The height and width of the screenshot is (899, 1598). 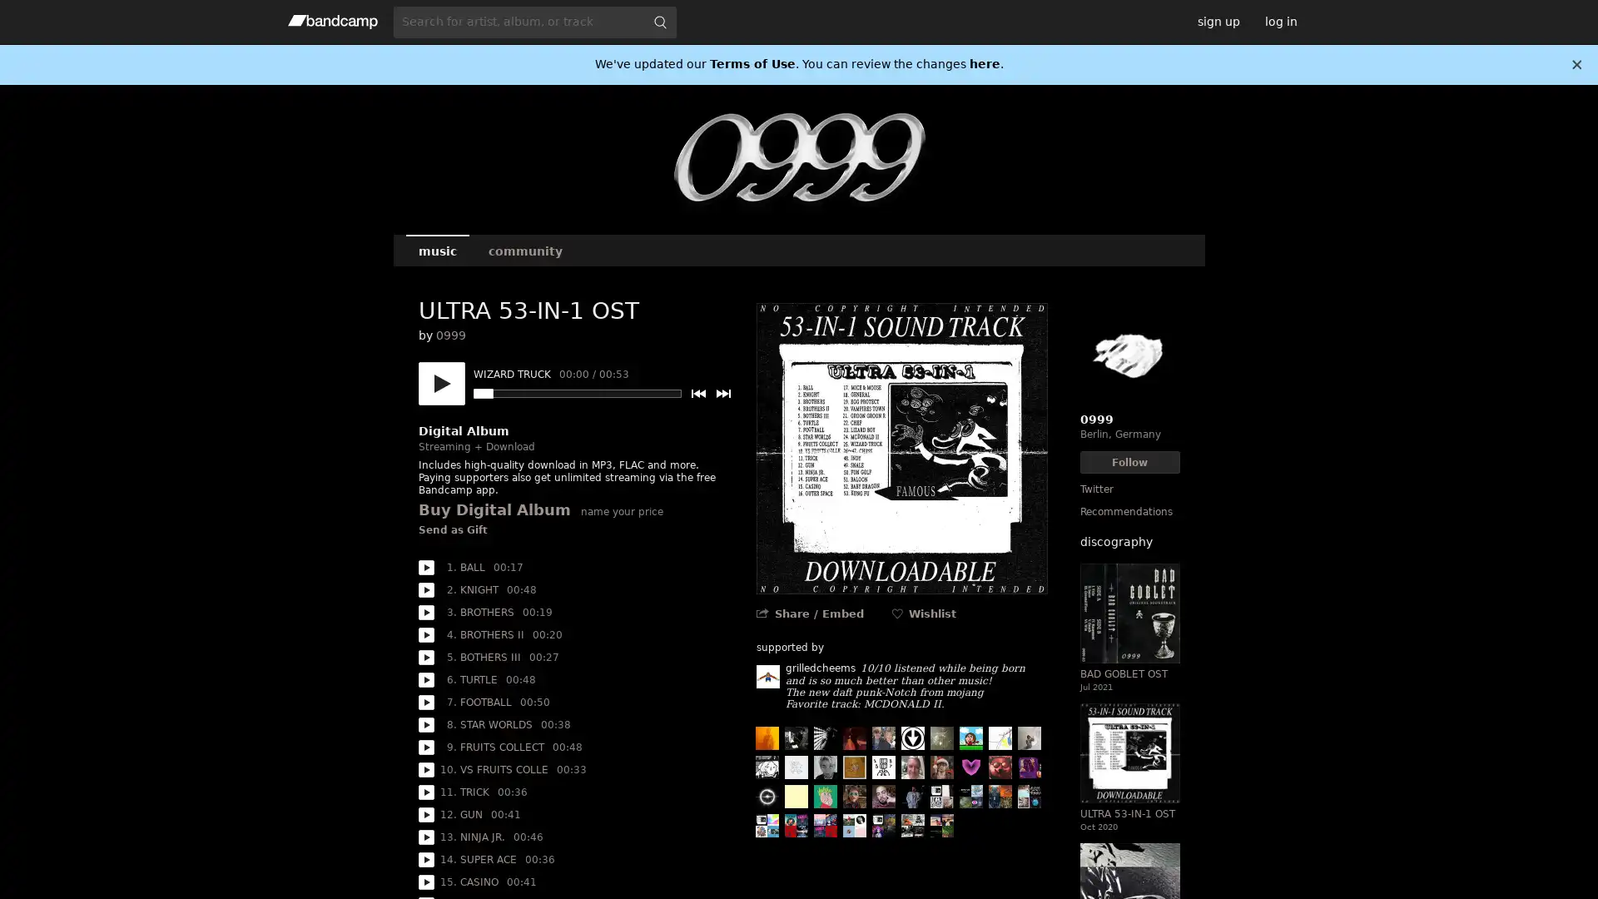 I want to click on Play KNIGHT, so click(x=425, y=589).